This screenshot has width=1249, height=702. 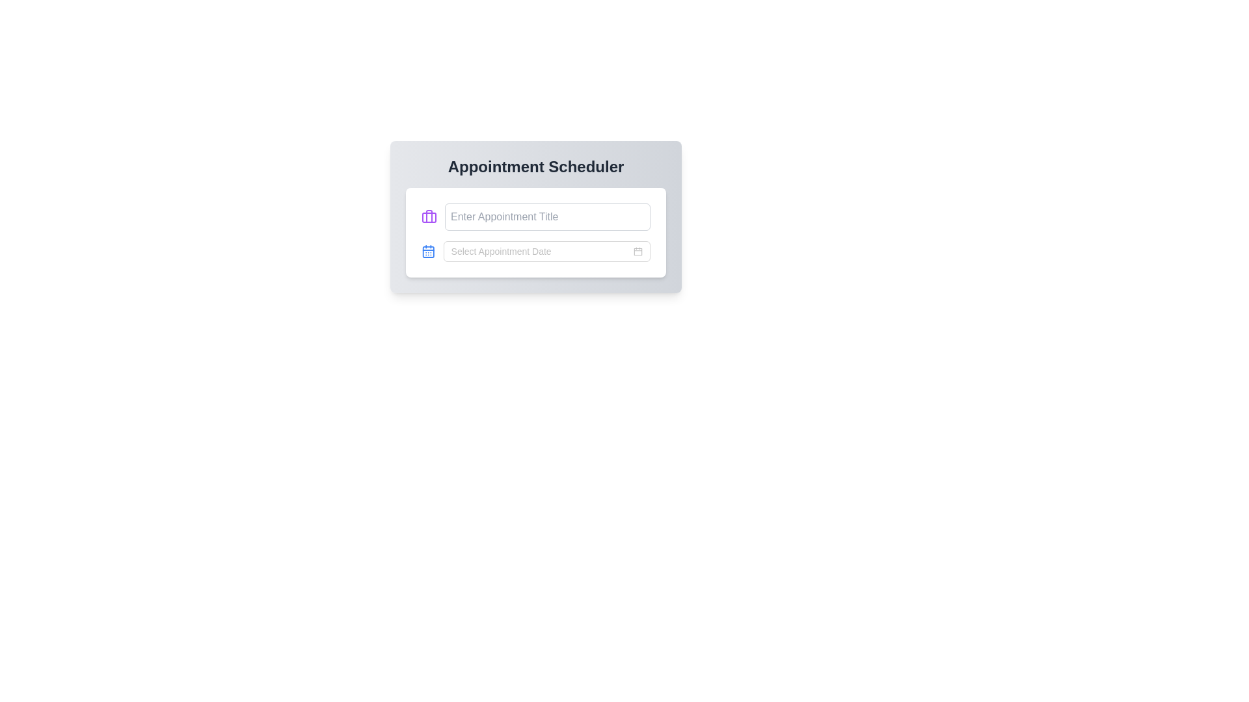 What do you see at coordinates (547, 216) in the screenshot?
I see `the text input field with placeholder text 'Enter Appointment Title'` at bounding box center [547, 216].